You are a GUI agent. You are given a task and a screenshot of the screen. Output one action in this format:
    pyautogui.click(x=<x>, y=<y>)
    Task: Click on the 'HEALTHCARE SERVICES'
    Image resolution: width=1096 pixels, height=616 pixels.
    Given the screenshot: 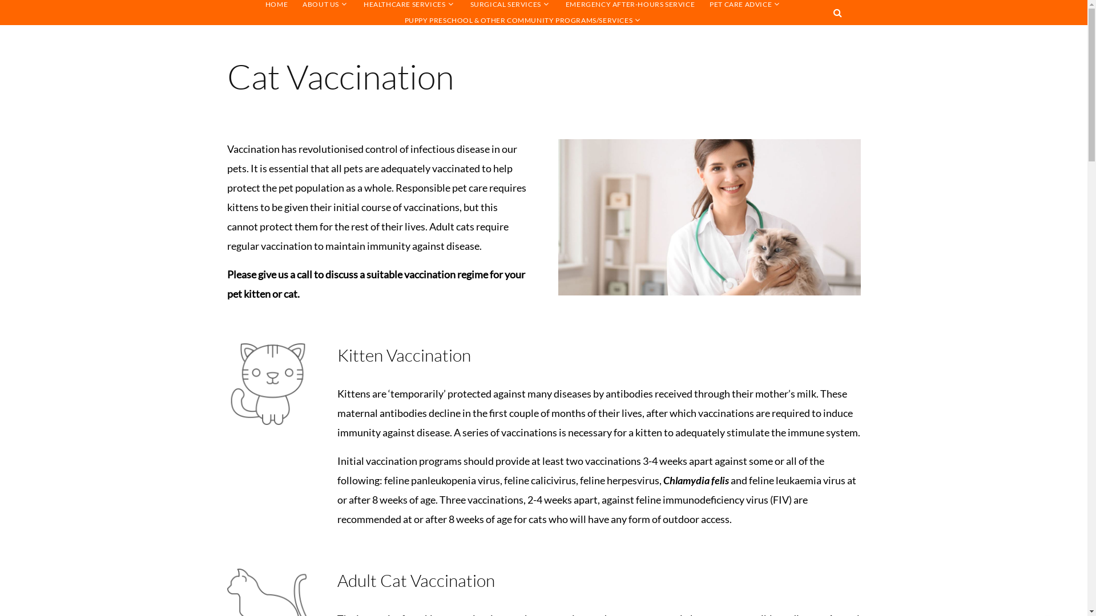 What is the action you would take?
    pyautogui.click(x=404, y=4)
    